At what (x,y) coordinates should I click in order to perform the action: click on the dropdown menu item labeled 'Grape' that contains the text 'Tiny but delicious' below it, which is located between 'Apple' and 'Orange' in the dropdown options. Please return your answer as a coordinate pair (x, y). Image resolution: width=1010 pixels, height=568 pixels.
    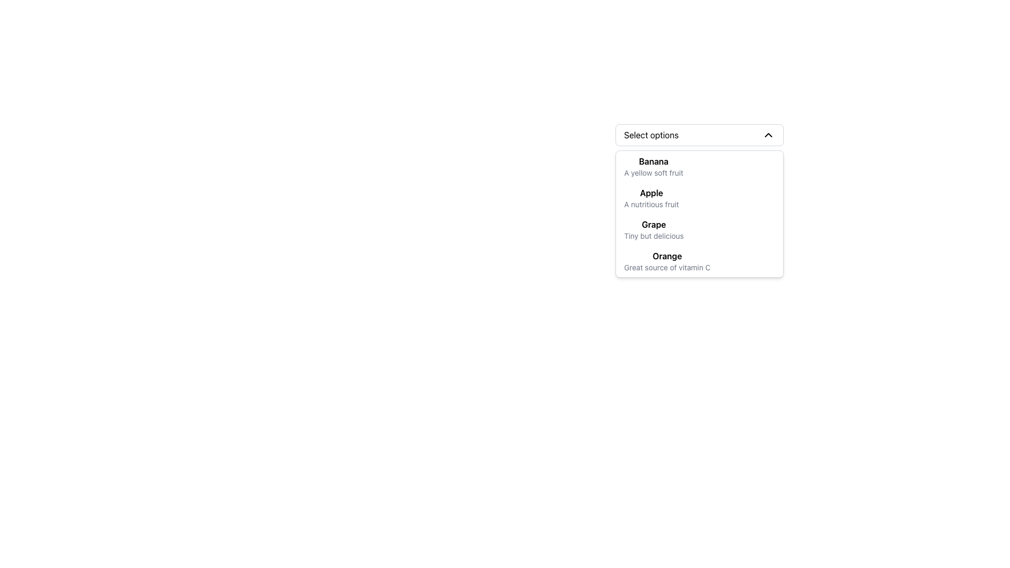
    Looking at the image, I should click on (653, 229).